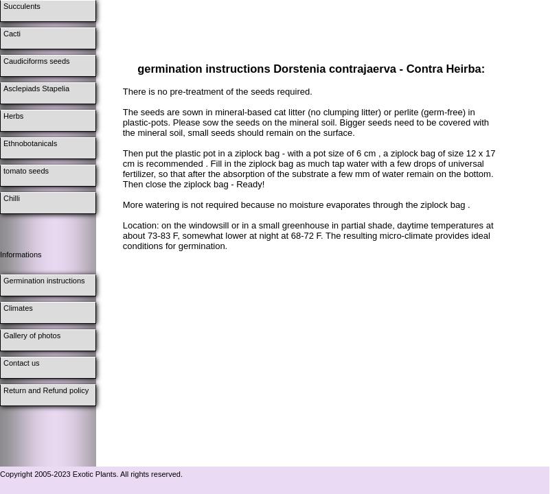  I want to click on 'The seeds are sown in mineral-based cat litter (no clumping litter) or perlite (germ-free) in plastic-pots.
Please sow the seeds on the mineral soil. Bigger seeds need to be covered with the mineral soil, small seeds should remain on the surface.', so click(122, 121).